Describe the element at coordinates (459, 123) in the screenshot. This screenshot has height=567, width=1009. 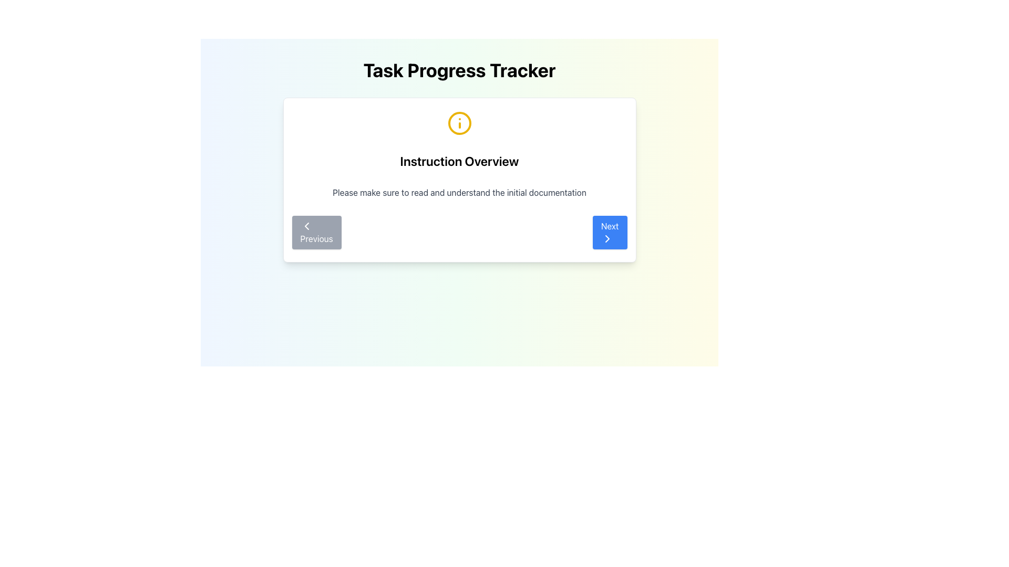
I see `the outer circle of the icon located in the 'Instruction Overview' section, as it is part of an overall button` at that location.